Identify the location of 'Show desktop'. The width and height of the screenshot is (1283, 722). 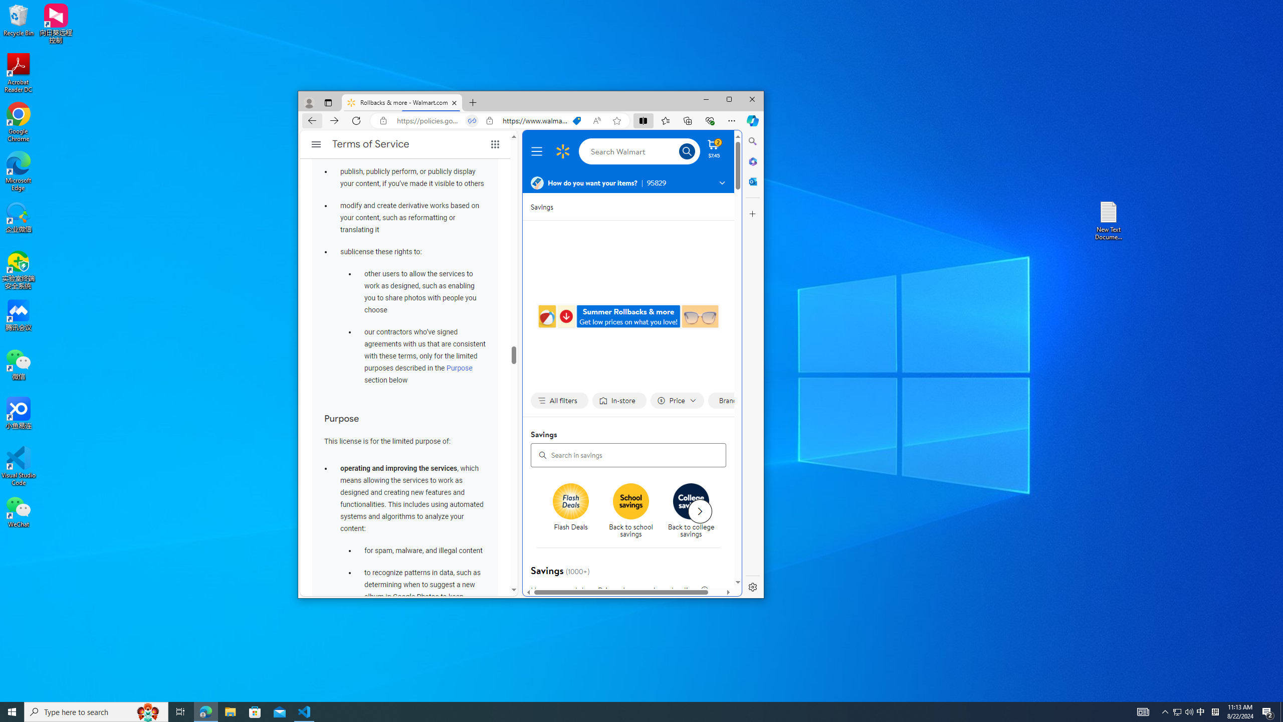
(1281, 711).